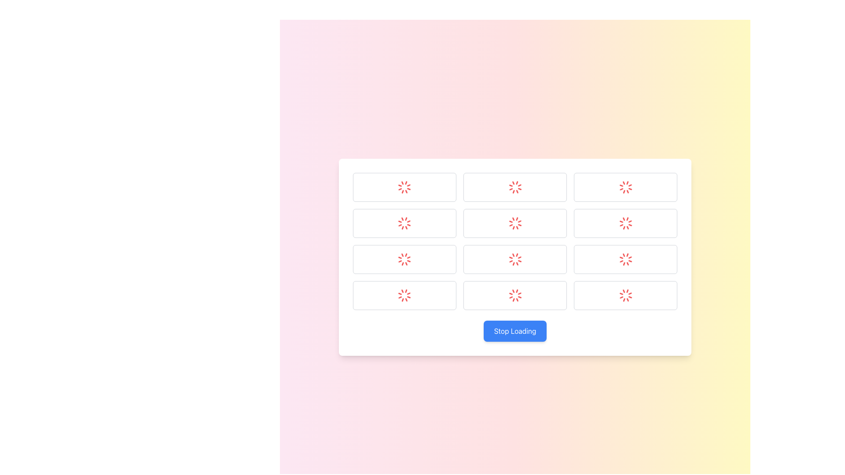 The width and height of the screenshot is (845, 475). I want to click on the progress of the Spinning Loader Icon located in the sixth card of a 3x4 grid layout, specifically in the second row and third column, indicating ongoing activity, so click(625, 259).